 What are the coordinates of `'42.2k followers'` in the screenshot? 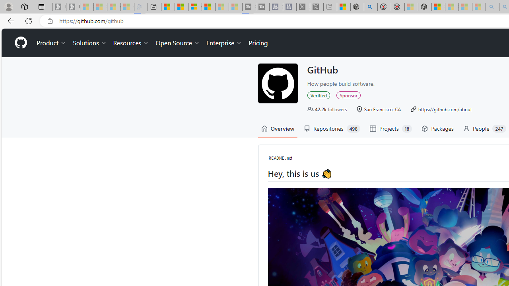 It's located at (327, 109).